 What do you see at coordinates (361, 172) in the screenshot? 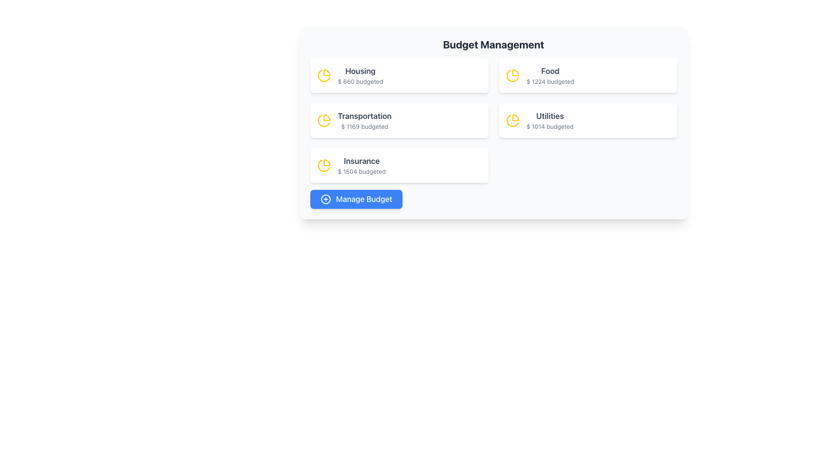
I see `the text label displaying '$1504 budgeted' located below the 'Insurance' heading within the card titled 'Insurance'` at bounding box center [361, 172].